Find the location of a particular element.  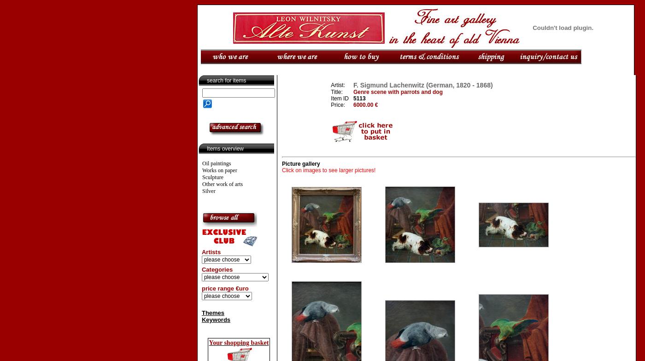

'Title:' is located at coordinates (336, 92).